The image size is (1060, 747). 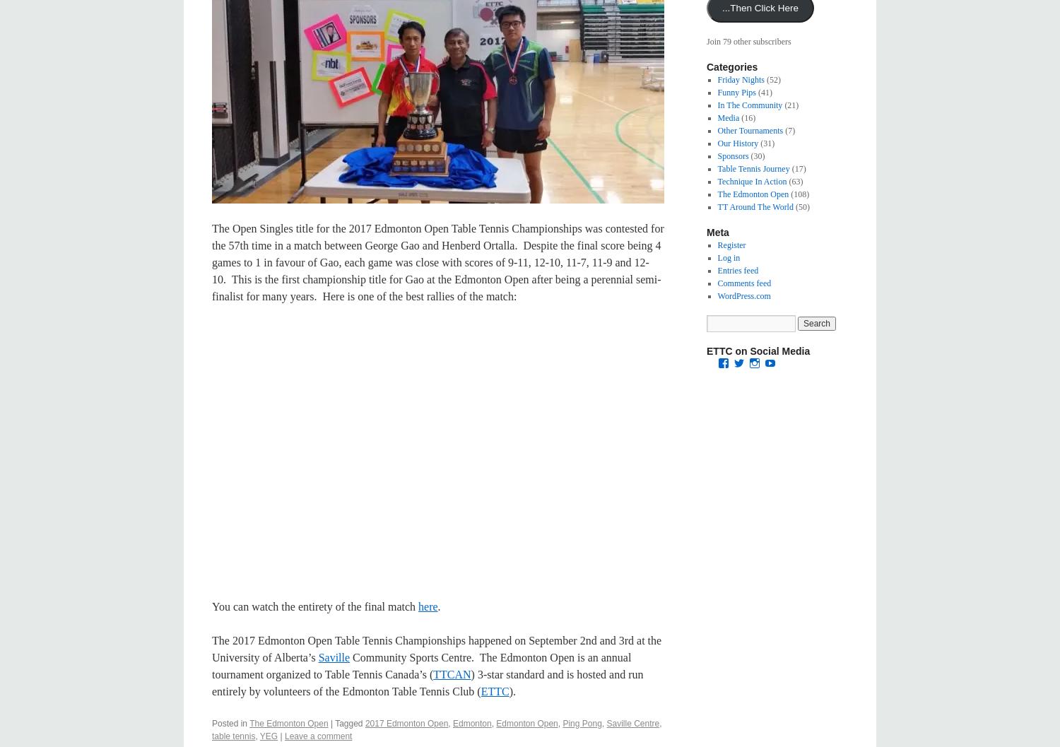 What do you see at coordinates (420, 665) in the screenshot?
I see `'Community Sports Centre.  The Edmonton Open is an annual tournament organized to Table Tennis Canada’s ('` at bounding box center [420, 665].